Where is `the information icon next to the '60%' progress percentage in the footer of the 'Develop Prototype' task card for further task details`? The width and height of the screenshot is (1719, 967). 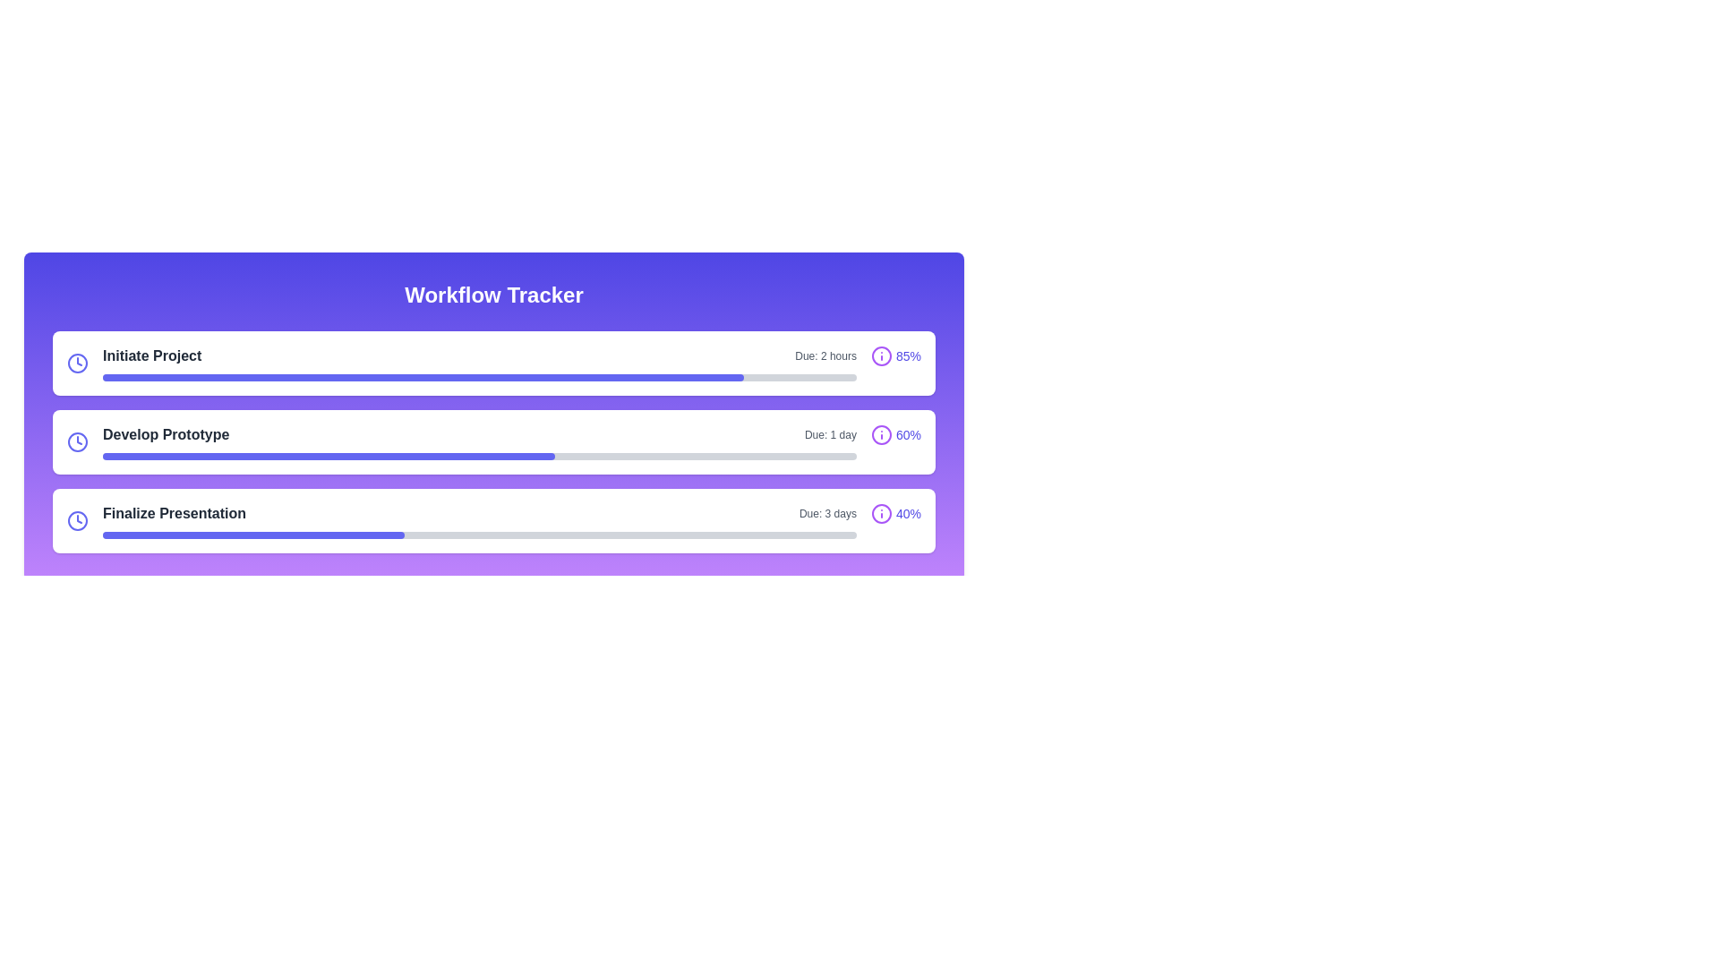
the information icon next to the '60%' progress percentage in the footer of the 'Develop Prototype' task card for further task details is located at coordinates (894, 435).